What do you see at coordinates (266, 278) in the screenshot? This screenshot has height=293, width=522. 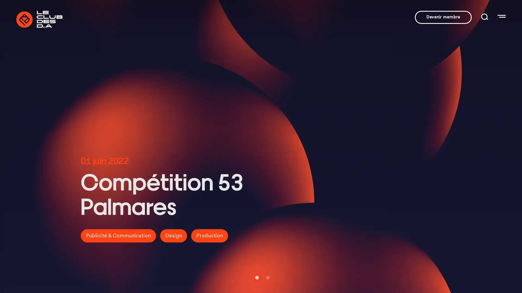 I see `2` at bounding box center [266, 278].